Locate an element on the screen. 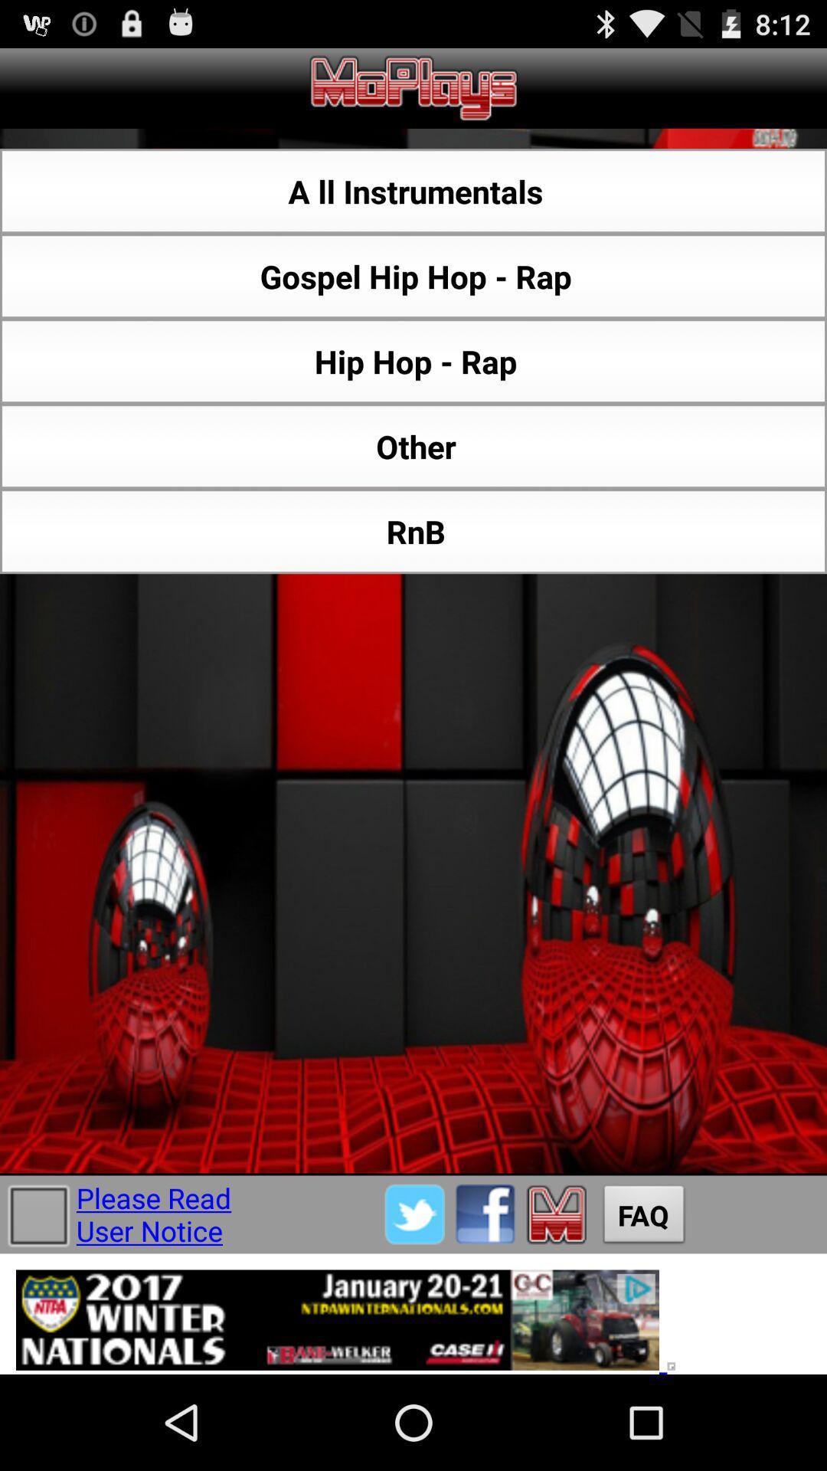 This screenshot has height=1471, width=827. advertisement is located at coordinates (413, 1313).